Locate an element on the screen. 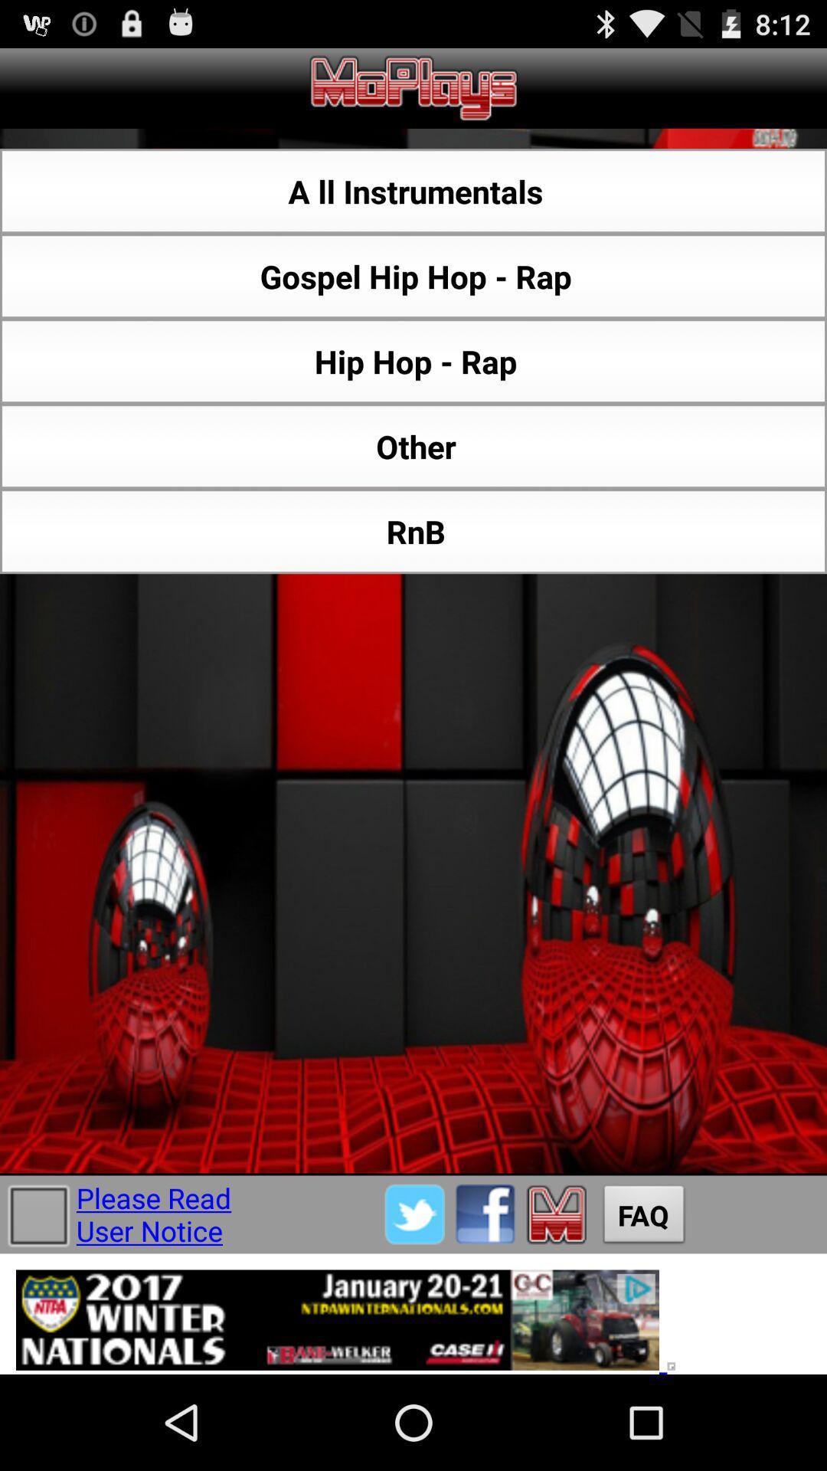 This screenshot has height=1471, width=827. advertisement is located at coordinates (413, 1313).